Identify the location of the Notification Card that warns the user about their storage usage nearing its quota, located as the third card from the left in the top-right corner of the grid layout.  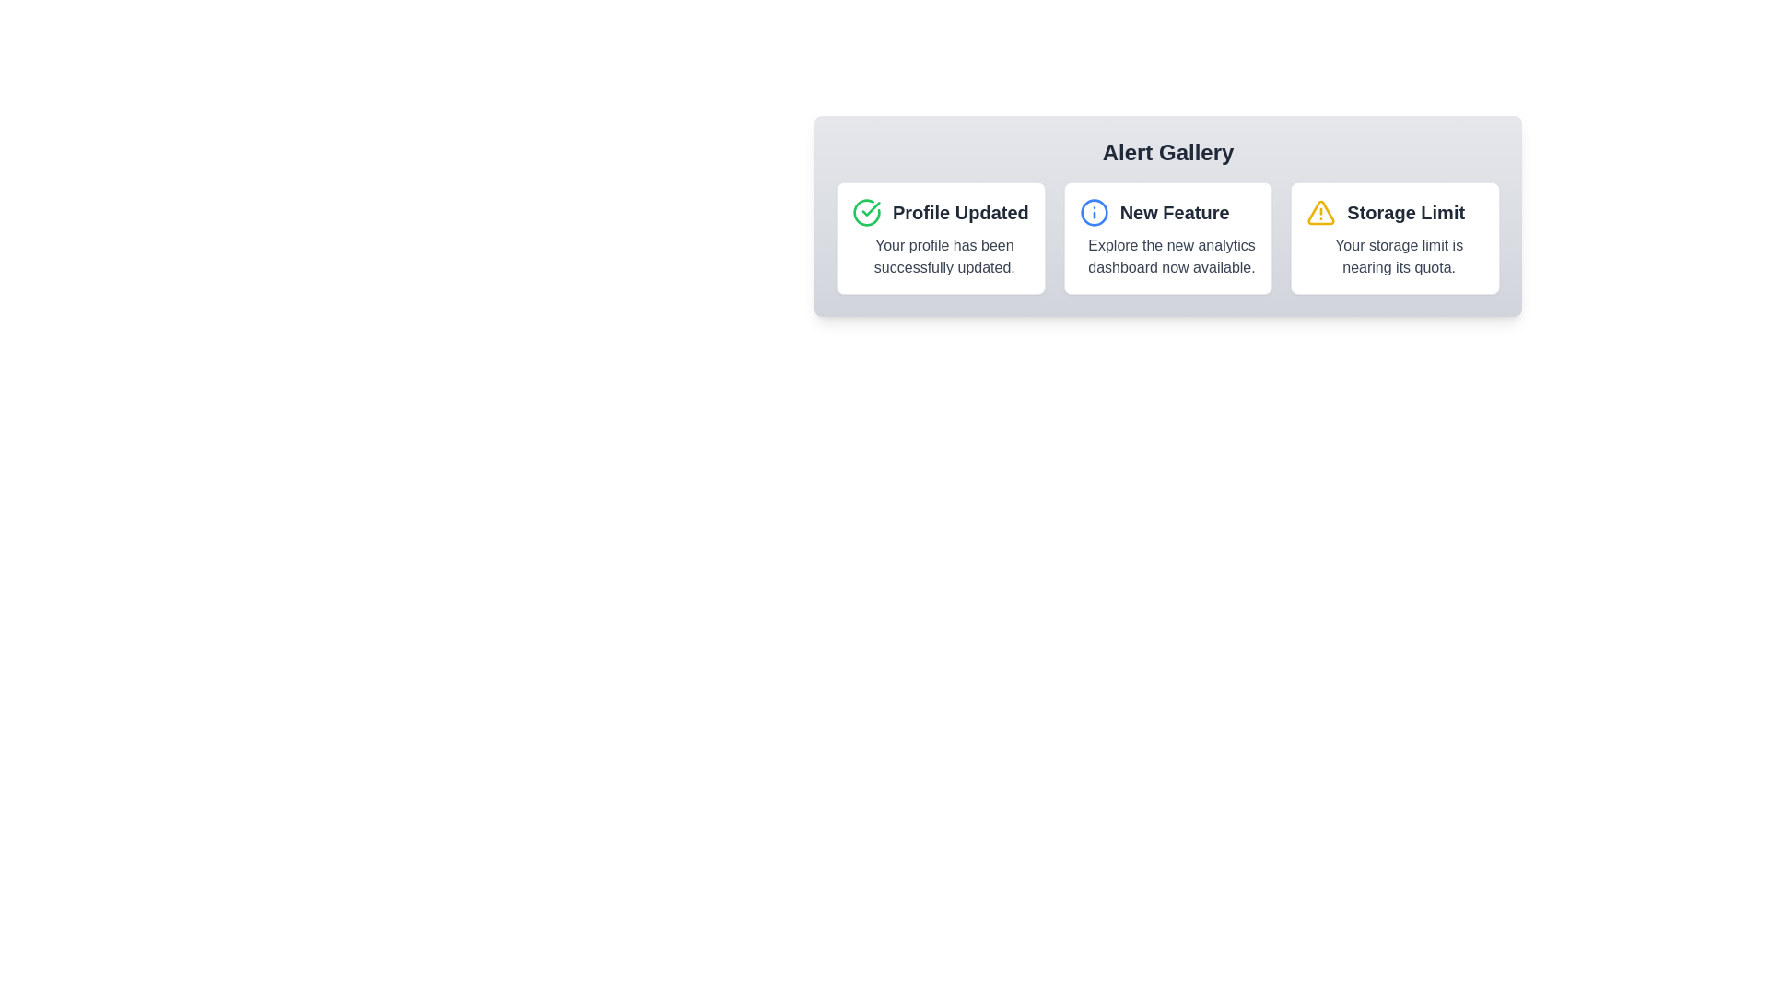
(1395, 237).